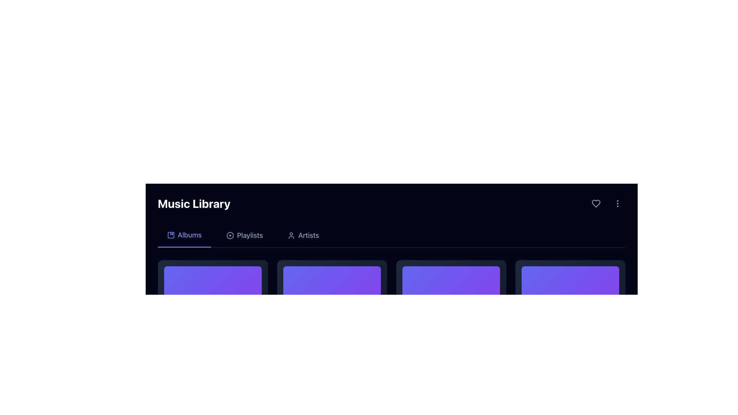  I want to click on the button represented by a vertically aligned ellipsis icon made up of three evenly spaced circles, located at the top-right corner of the interface, to change its color, so click(617, 203).